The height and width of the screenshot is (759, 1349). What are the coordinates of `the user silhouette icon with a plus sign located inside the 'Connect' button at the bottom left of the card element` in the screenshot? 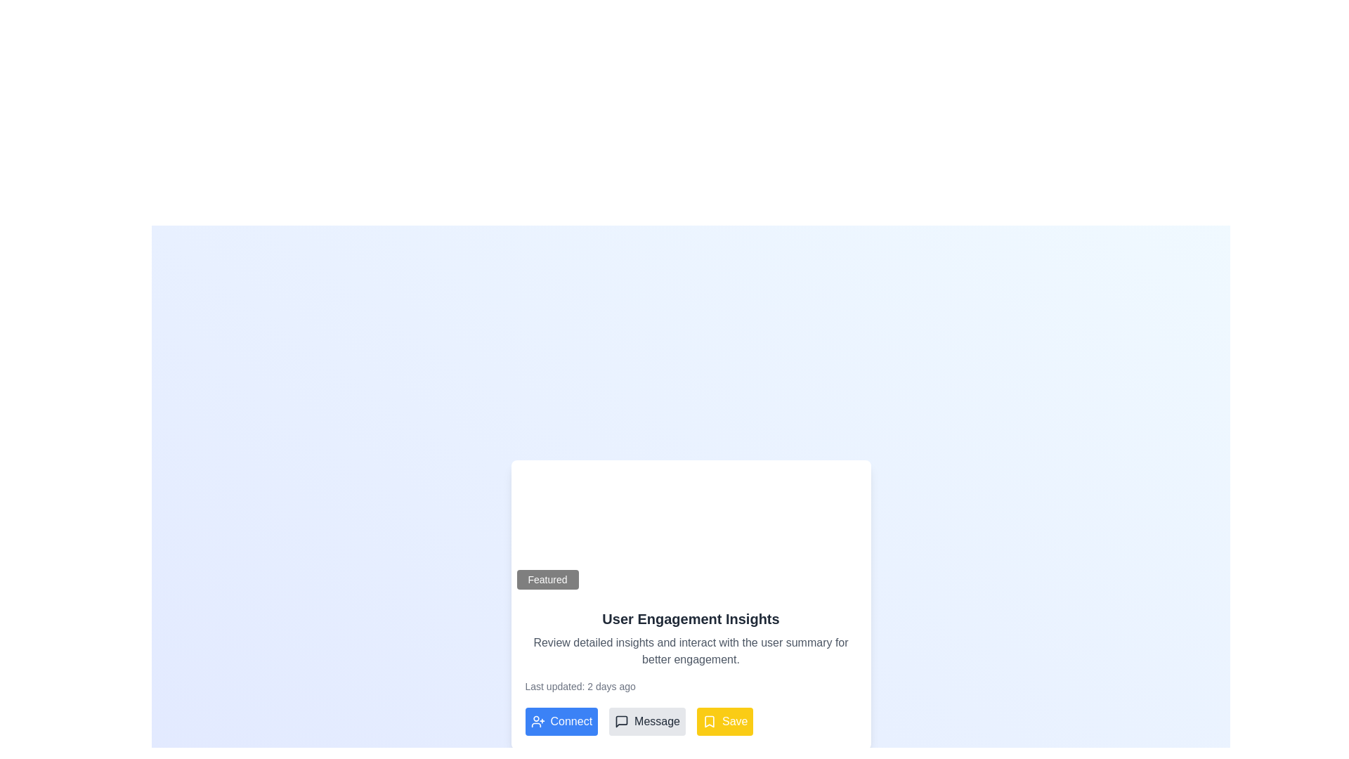 It's located at (537, 721).